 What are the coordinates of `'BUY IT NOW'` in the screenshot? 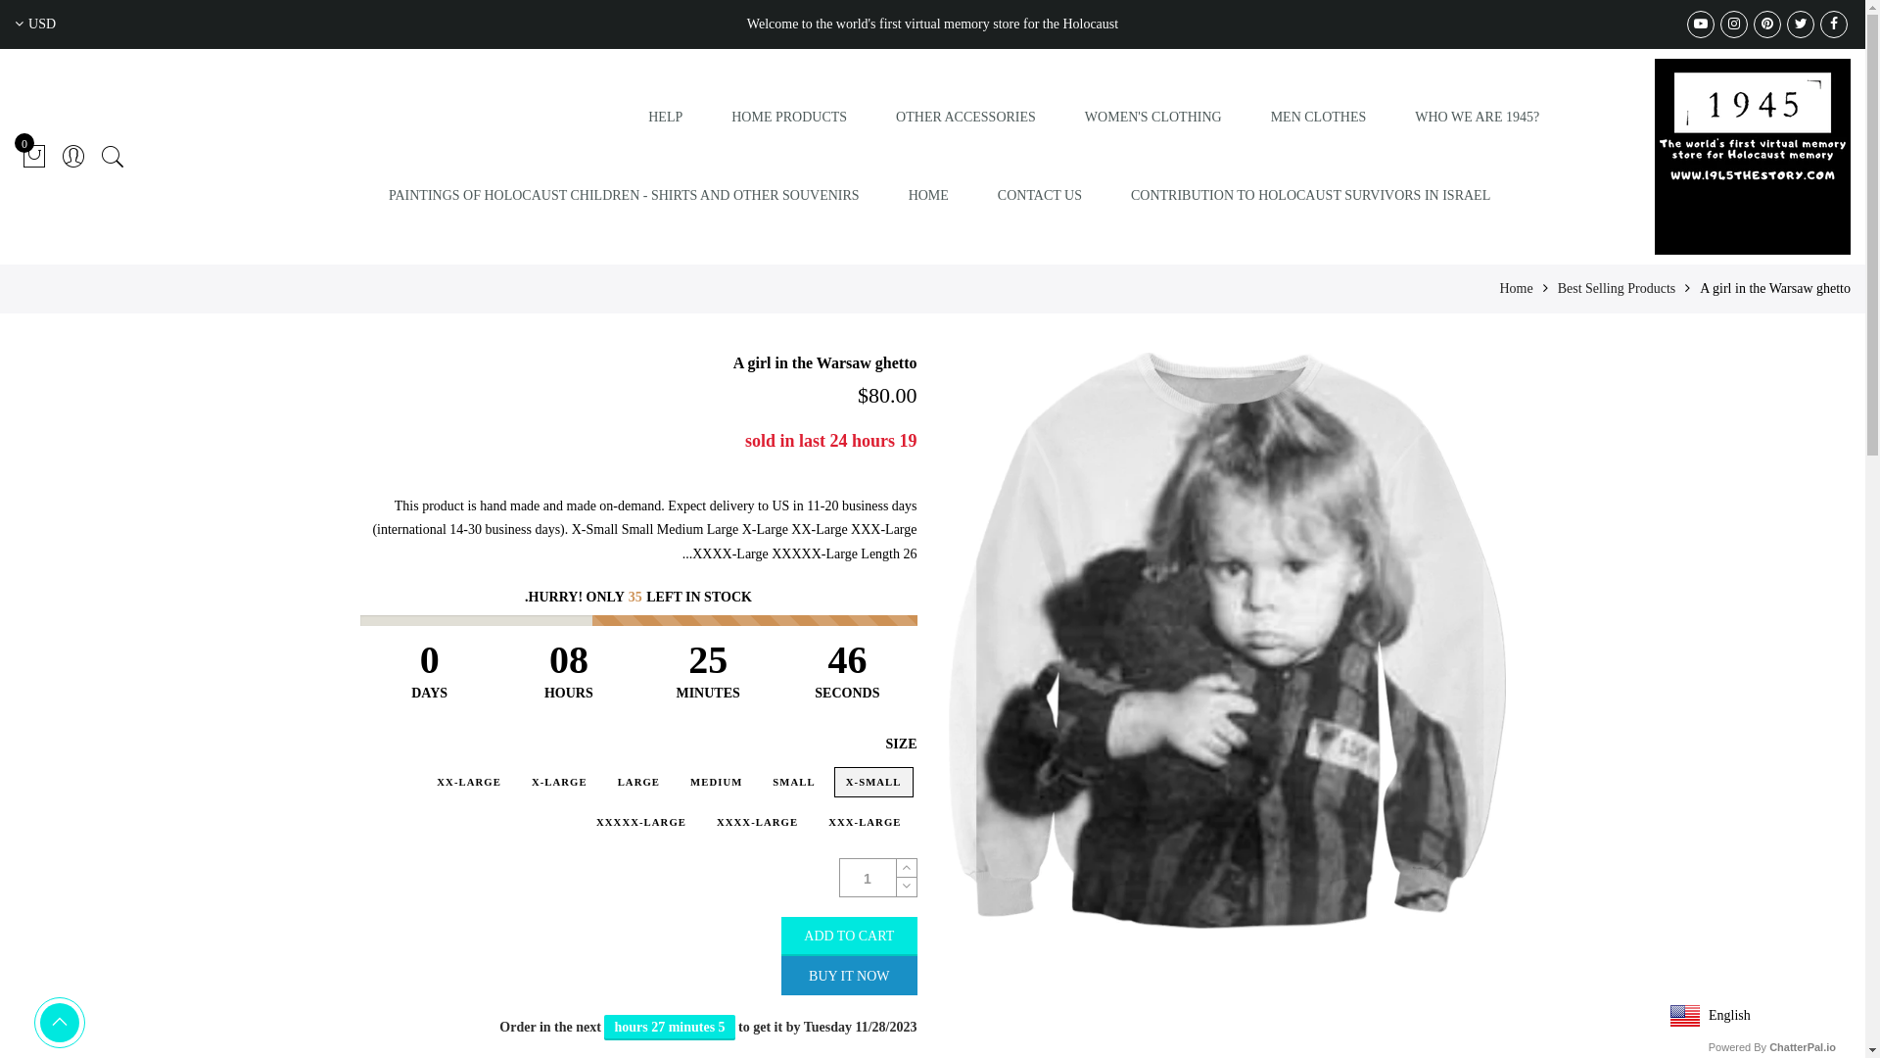 It's located at (849, 975).